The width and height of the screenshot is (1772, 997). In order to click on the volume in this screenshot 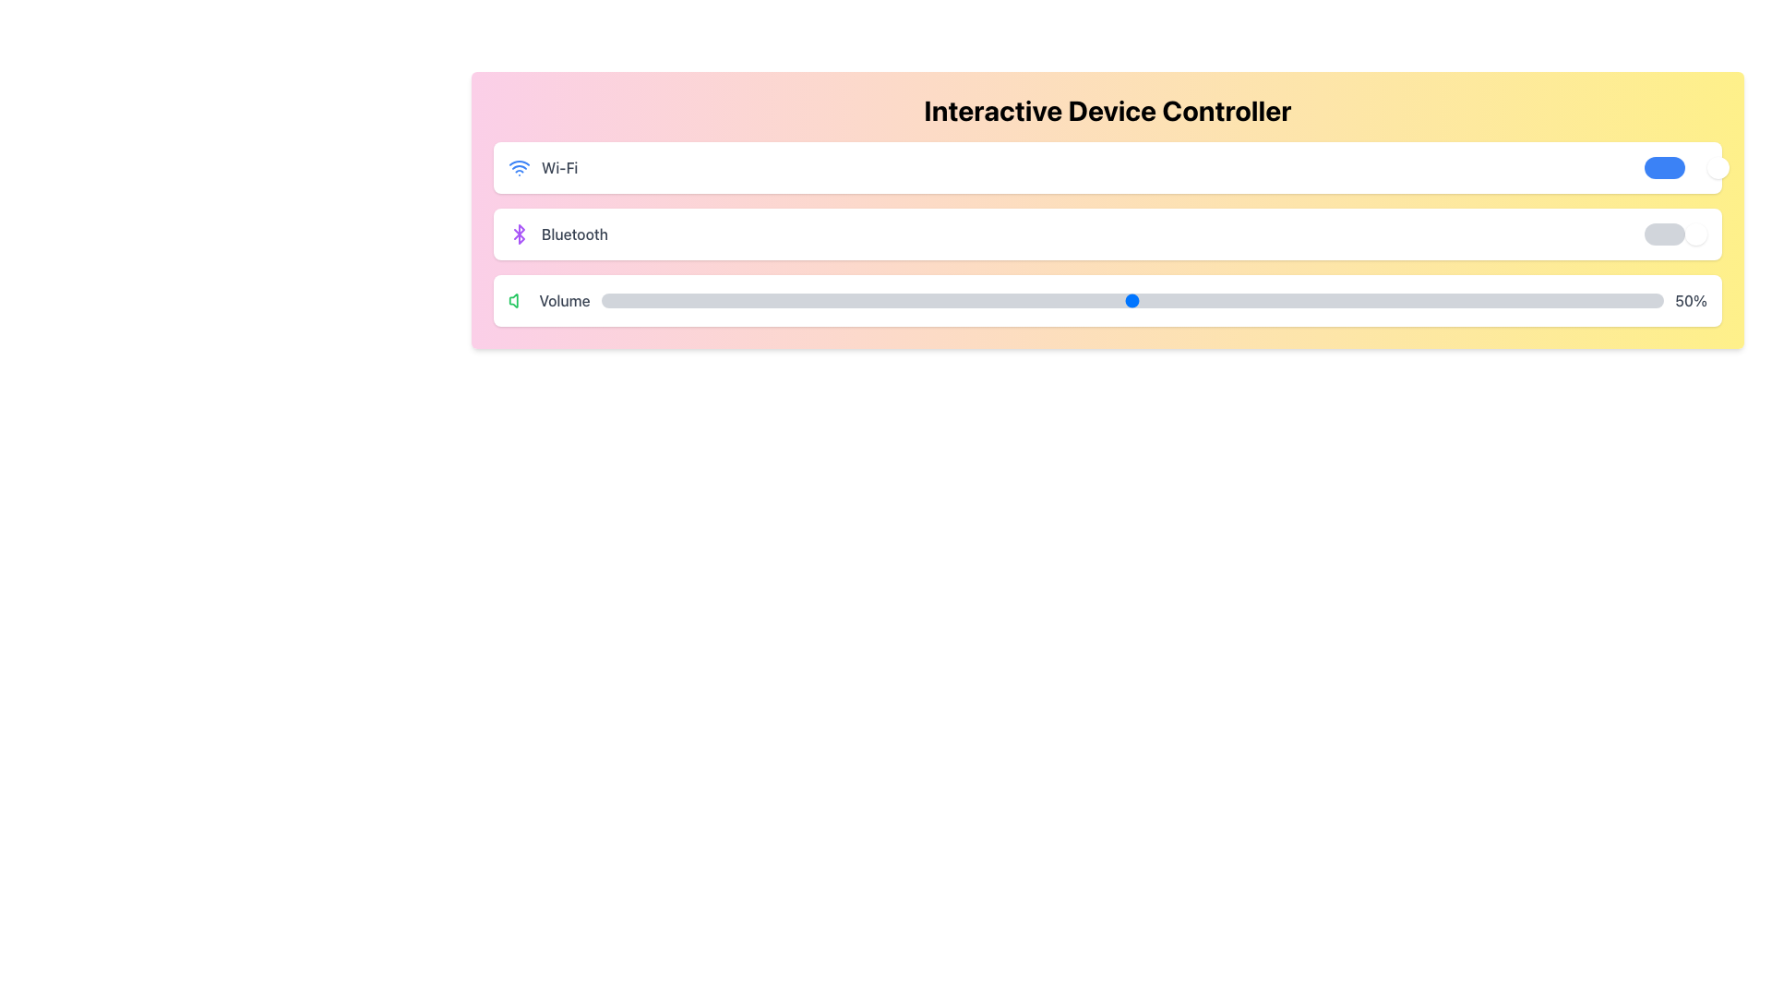, I will do `click(1588, 300)`.